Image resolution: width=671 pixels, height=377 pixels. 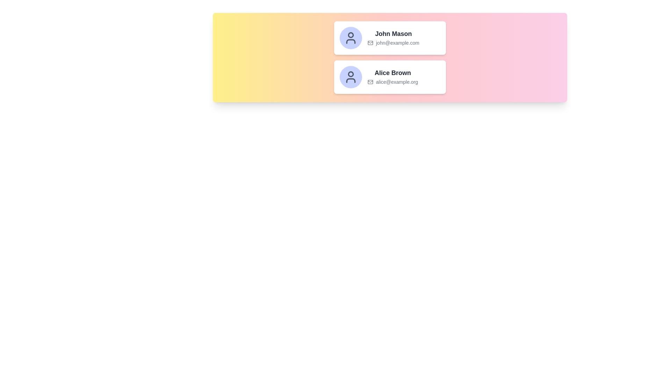 What do you see at coordinates (392, 82) in the screenshot?
I see `the email address displayed as 'alice@example.org' preceded by an envelope icon, located below 'Alice Brown' in the second card of a vertically stacked layout` at bounding box center [392, 82].